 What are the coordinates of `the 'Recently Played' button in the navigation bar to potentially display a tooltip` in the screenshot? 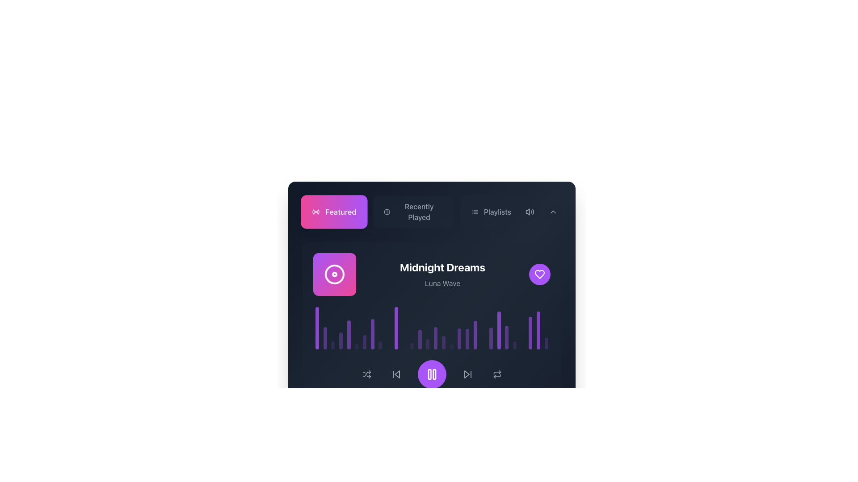 It's located at (432, 212).